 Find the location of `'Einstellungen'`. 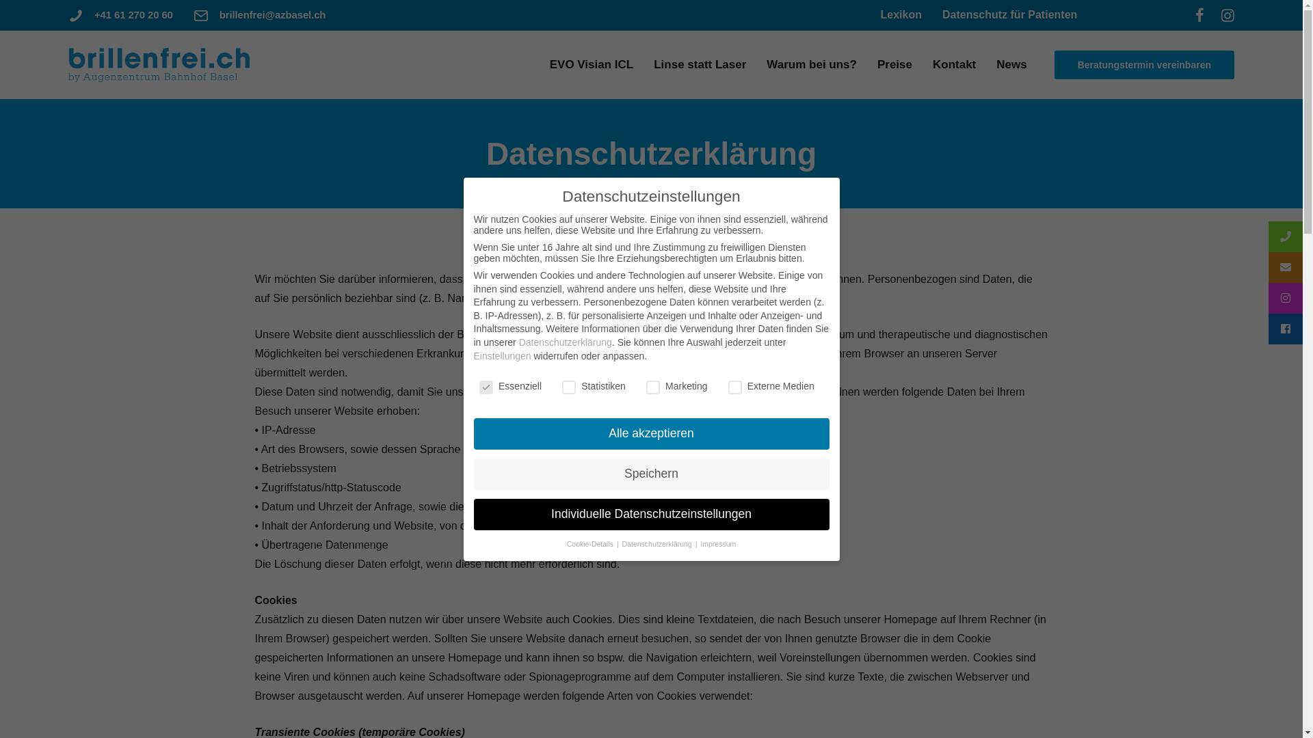

'Einstellungen' is located at coordinates (501, 355).